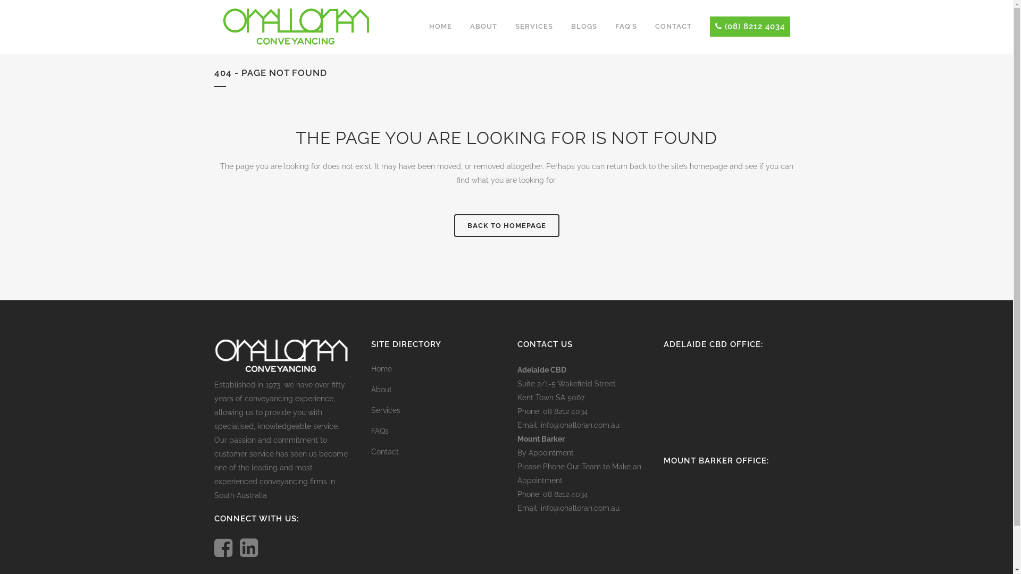 The image size is (1021, 574). What do you see at coordinates (564, 411) in the screenshot?
I see `'08 8212 4034'` at bounding box center [564, 411].